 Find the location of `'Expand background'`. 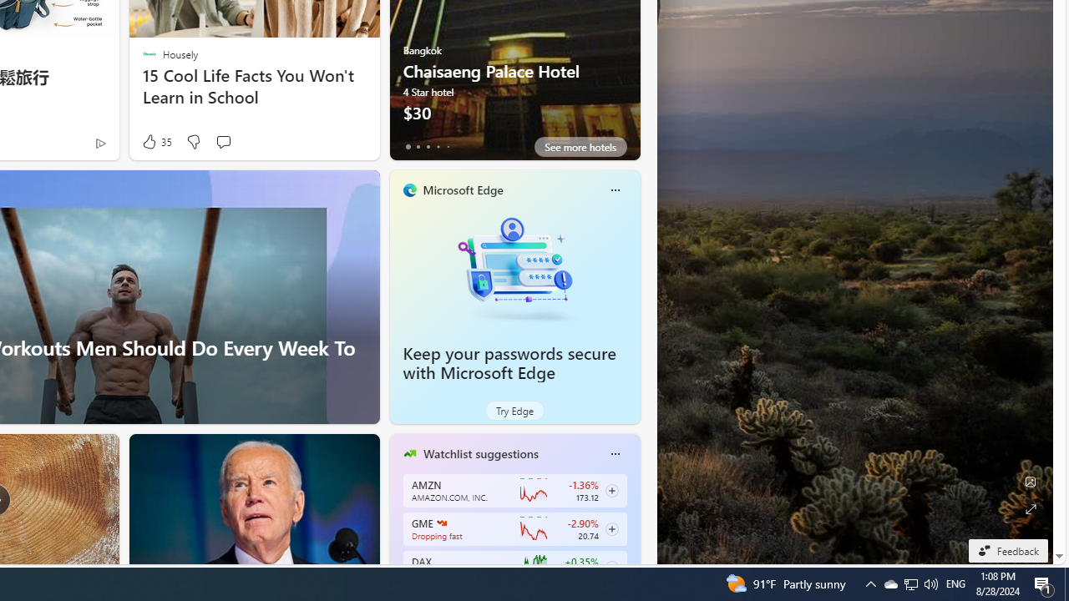

'Expand background' is located at coordinates (1029, 508).